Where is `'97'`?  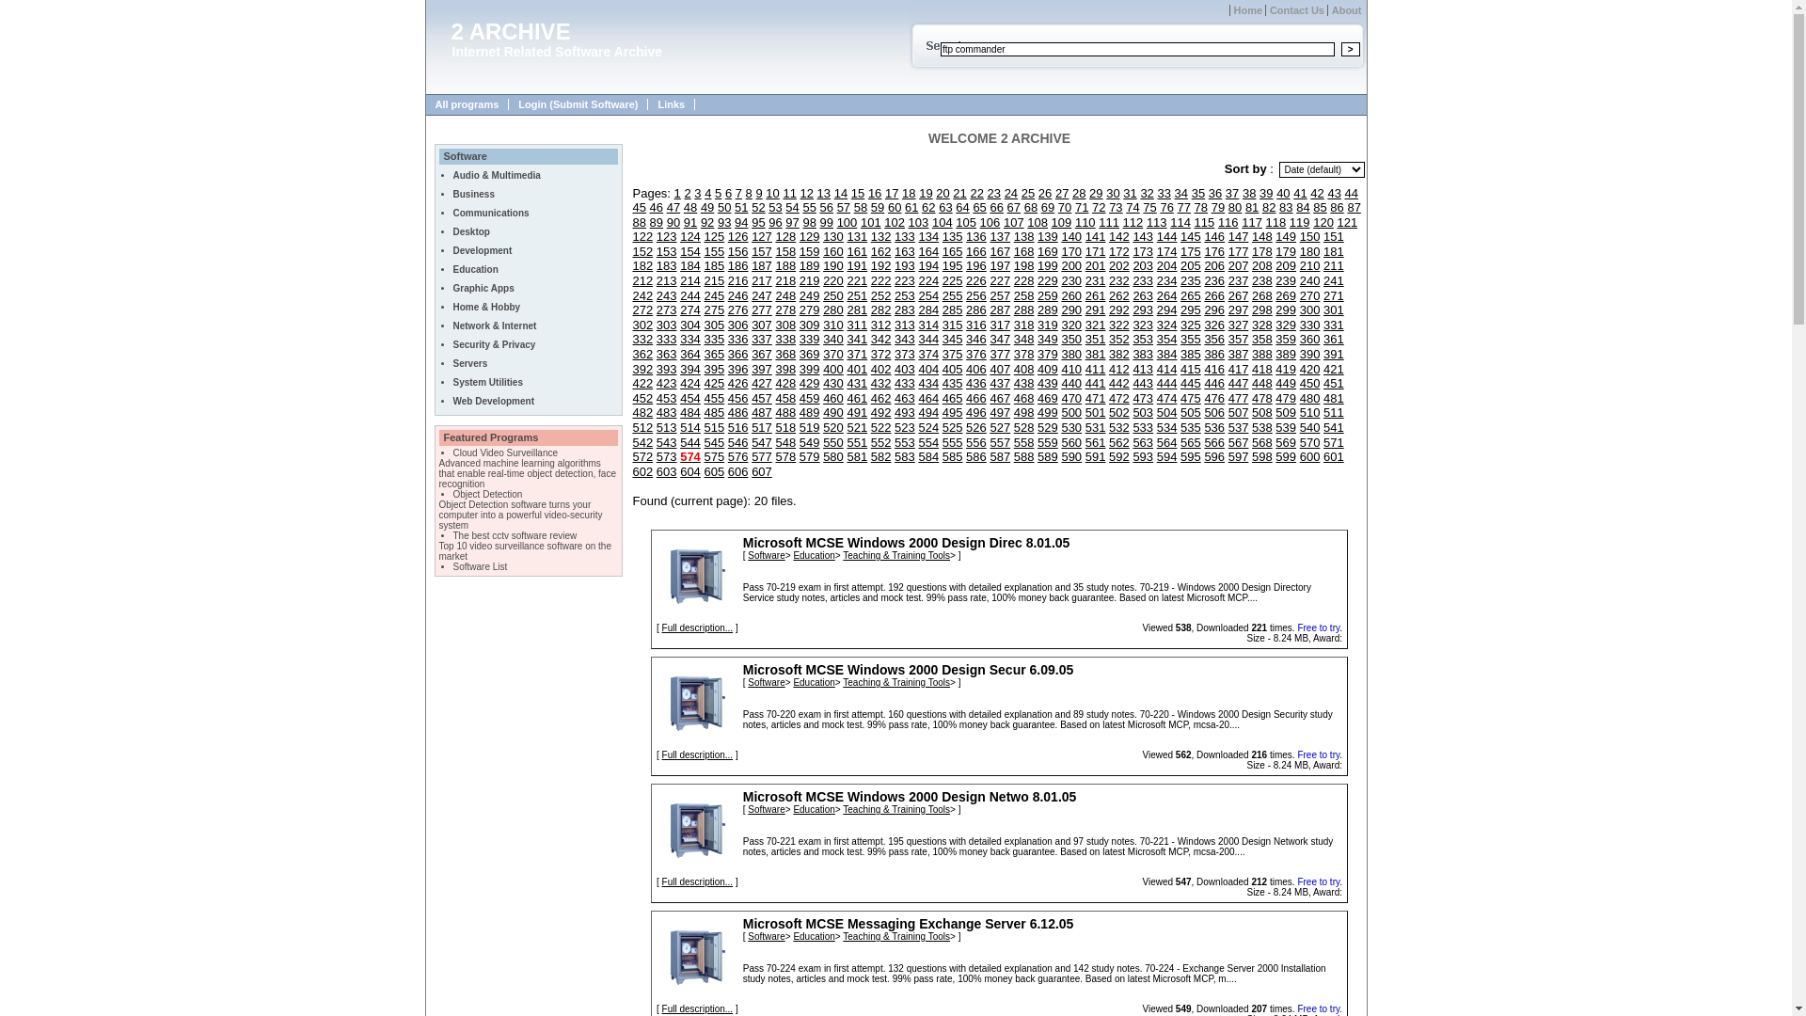
'97' is located at coordinates (791, 221).